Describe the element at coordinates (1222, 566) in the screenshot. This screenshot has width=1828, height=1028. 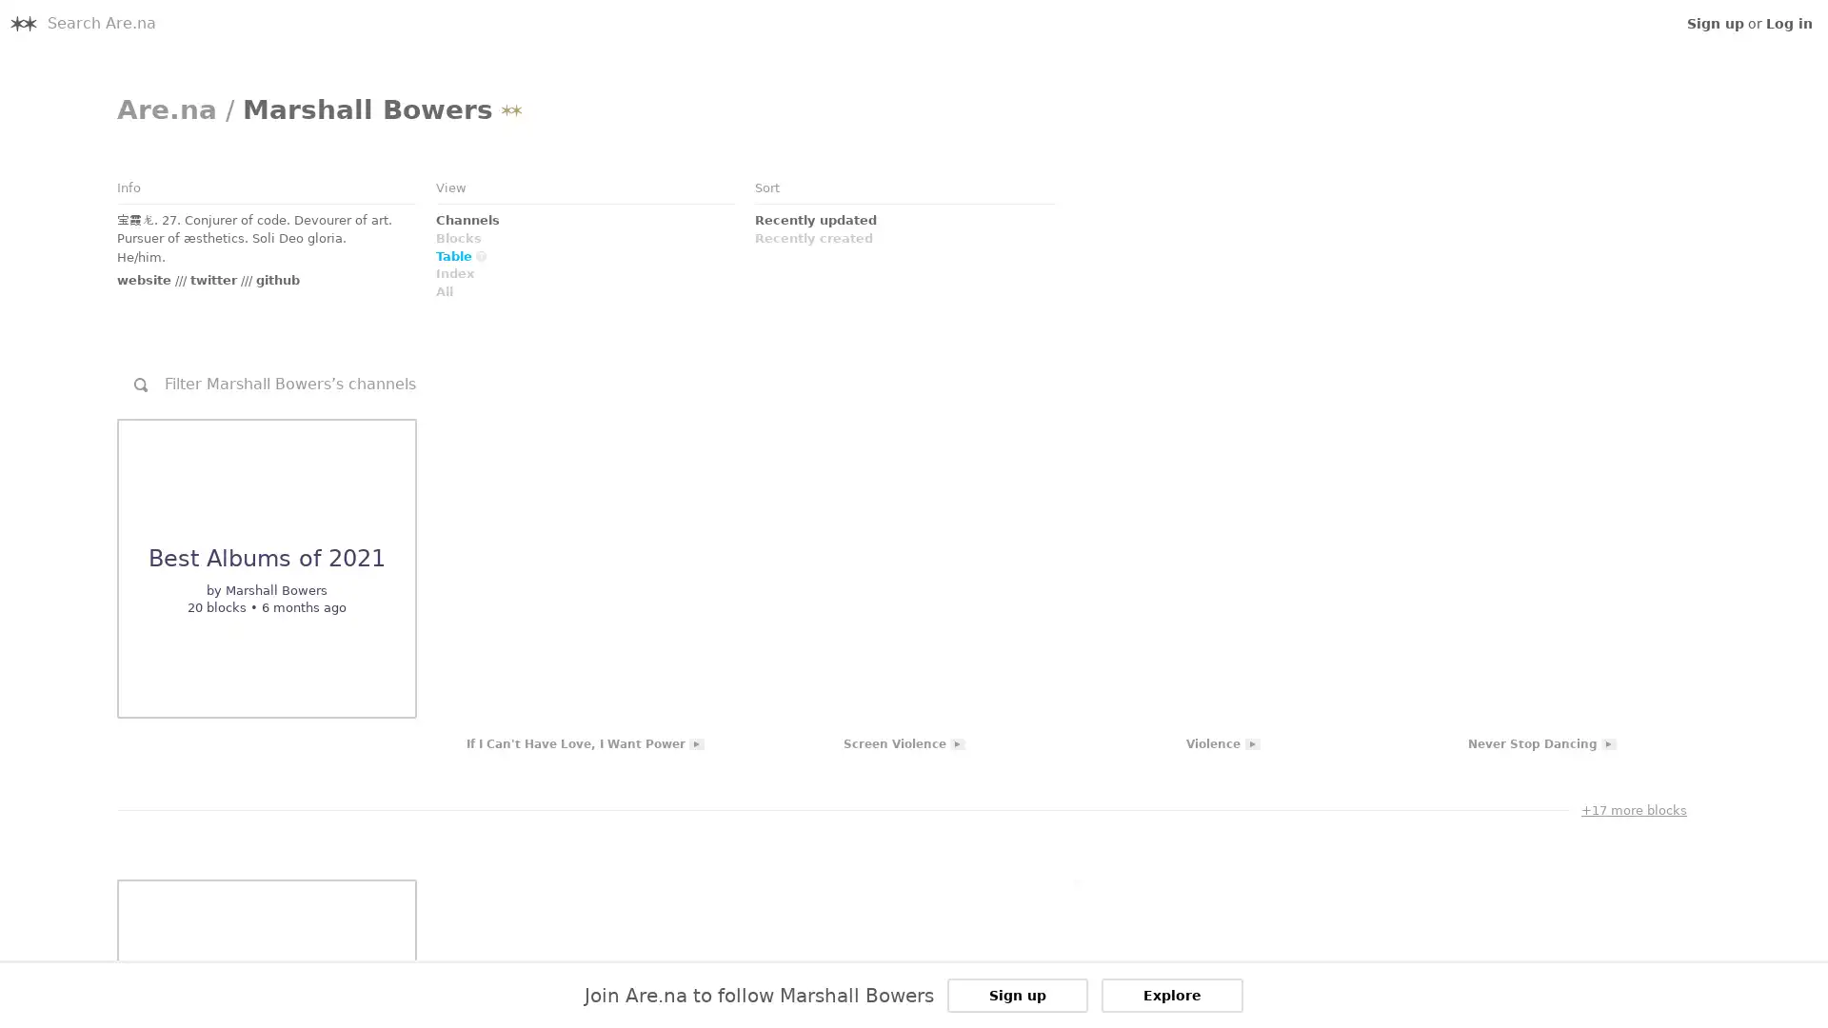
I see `Link to Embed: Violence` at that location.